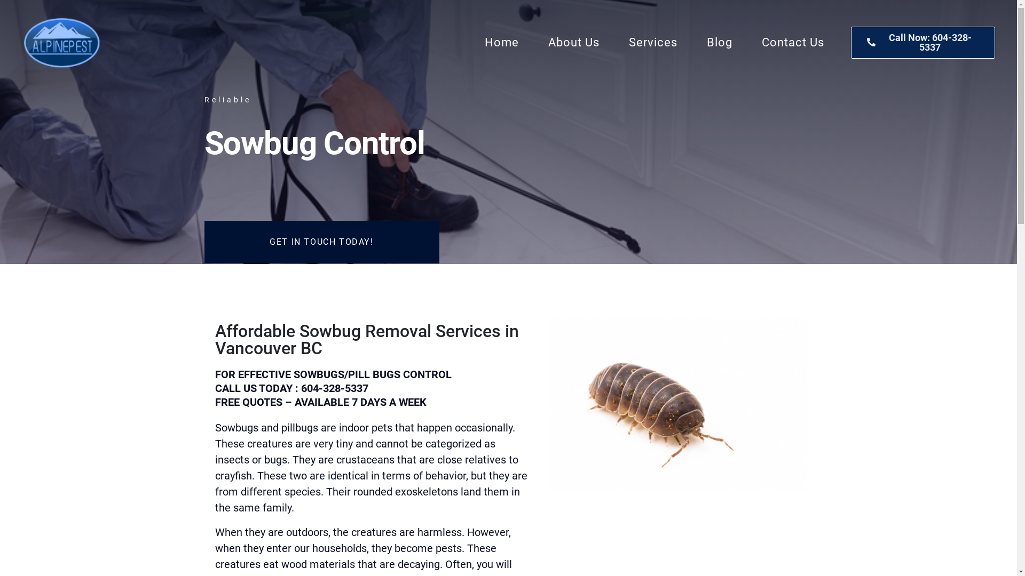 Image resolution: width=1025 pixels, height=576 pixels. Describe the element at coordinates (720, 42) in the screenshot. I see `'Blog'` at that location.